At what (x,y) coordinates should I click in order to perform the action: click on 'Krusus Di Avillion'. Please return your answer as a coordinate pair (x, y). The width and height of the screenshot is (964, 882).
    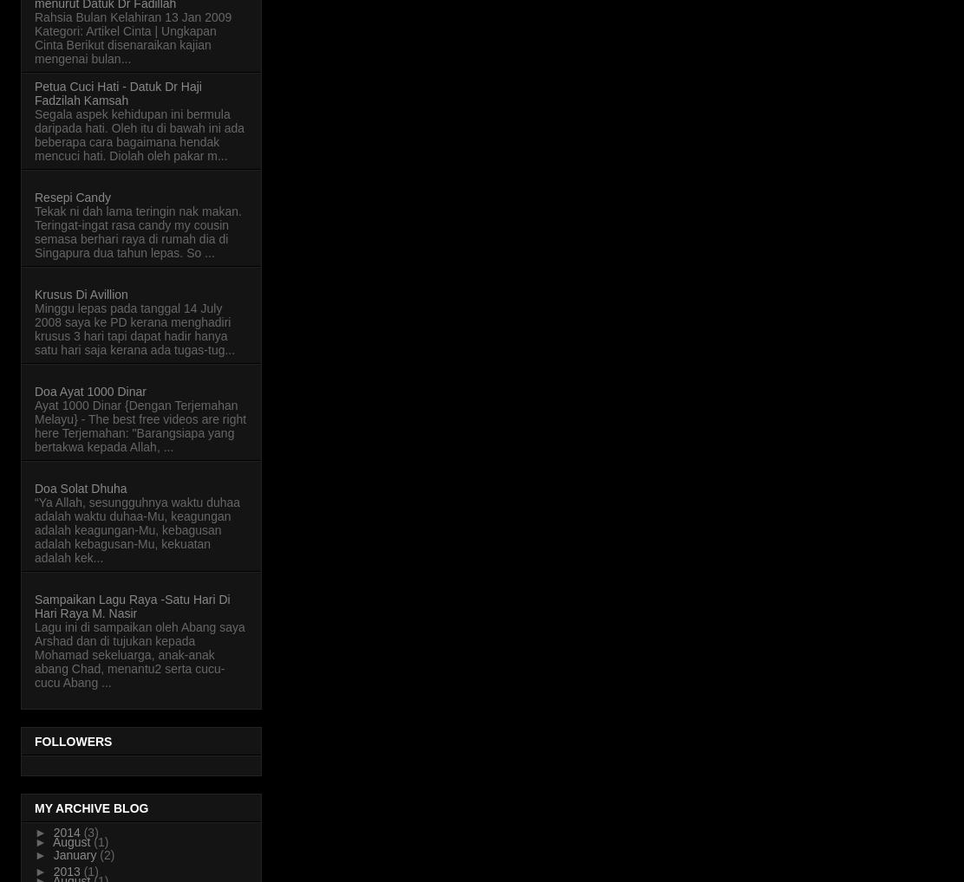
    Looking at the image, I should click on (80, 292).